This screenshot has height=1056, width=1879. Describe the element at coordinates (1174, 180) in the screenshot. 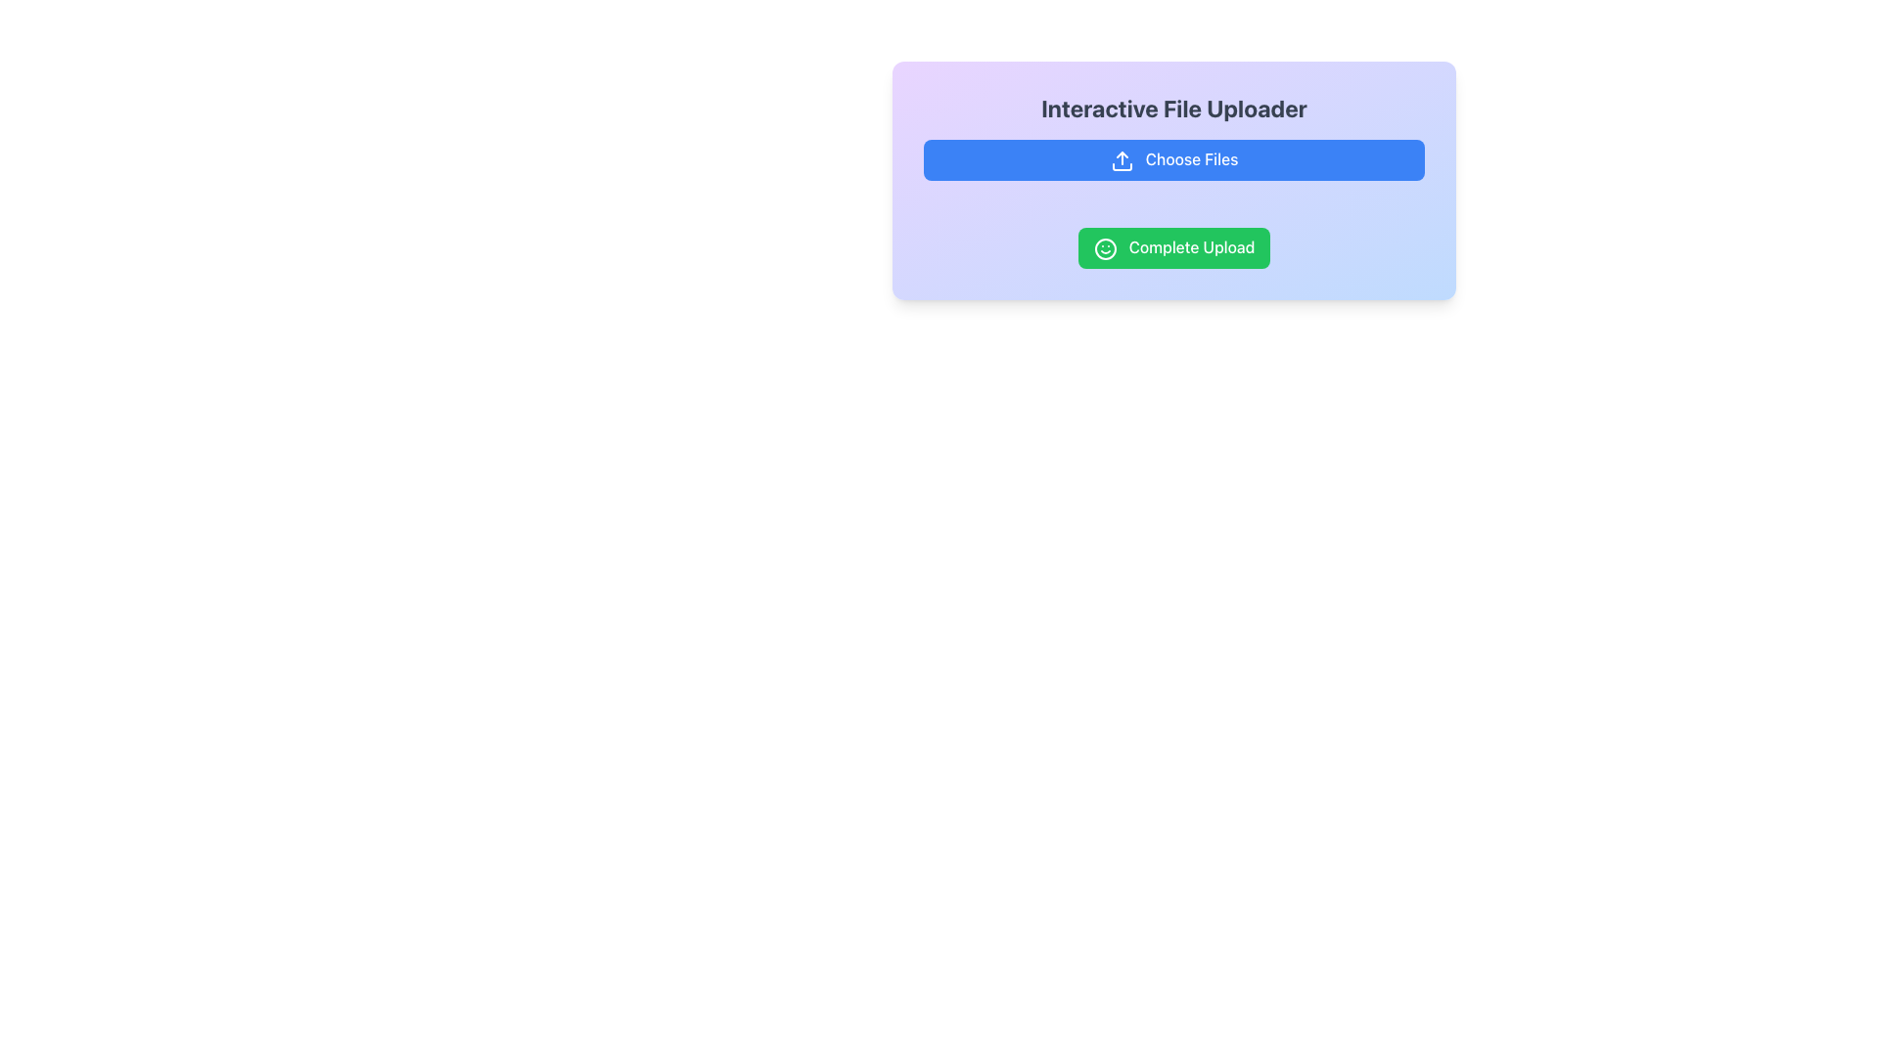

I see `and drop files into the interactive file uploader area, which features a gradient background and contains buttons for file selection and upload` at that location.